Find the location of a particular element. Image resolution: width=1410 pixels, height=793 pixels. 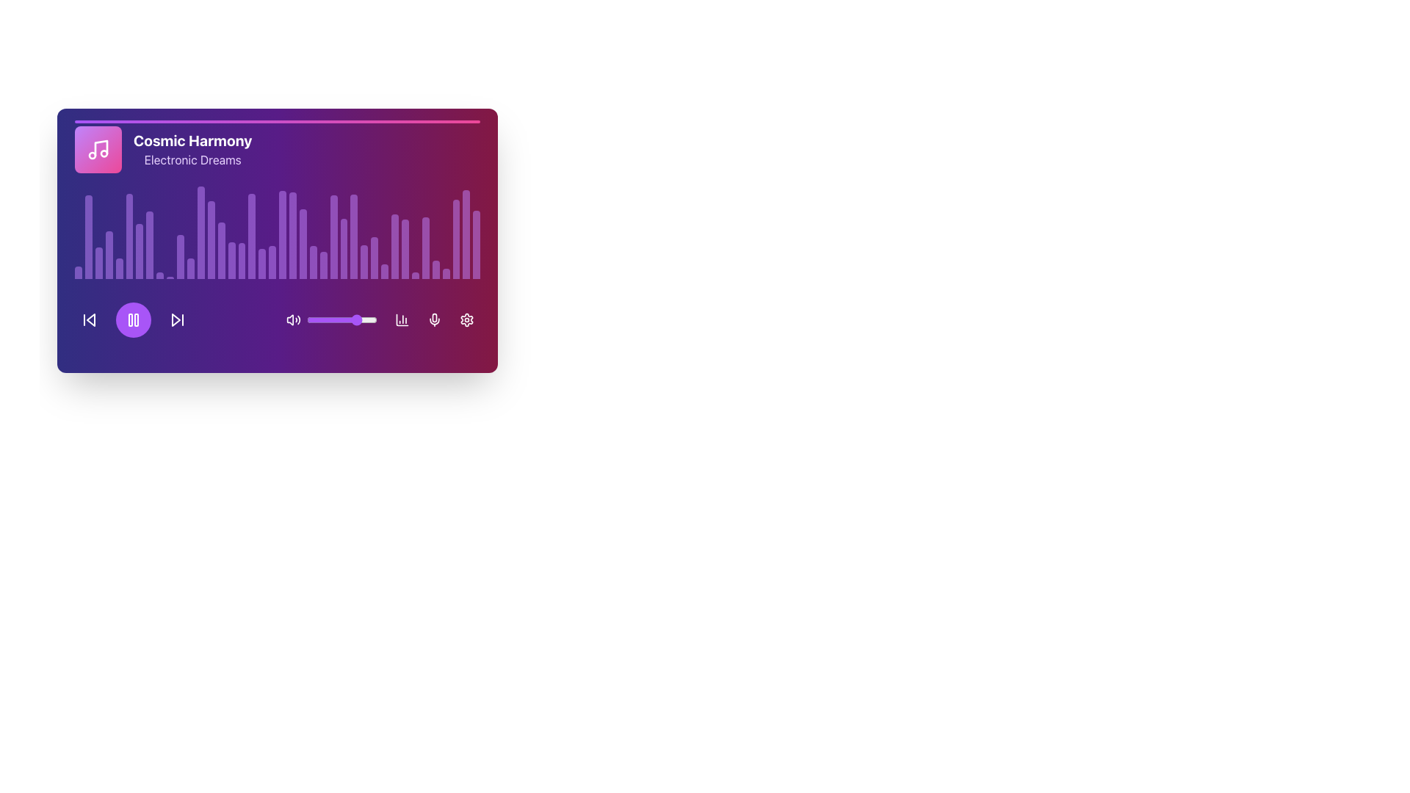

the value of the slider is located at coordinates (363, 319).